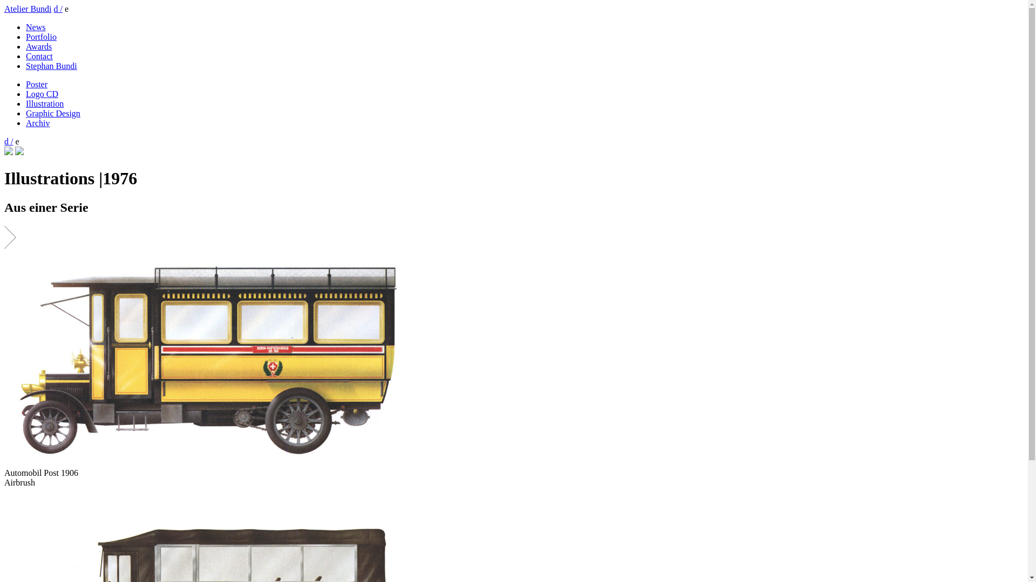  What do you see at coordinates (42, 93) in the screenshot?
I see `'Logo CD'` at bounding box center [42, 93].